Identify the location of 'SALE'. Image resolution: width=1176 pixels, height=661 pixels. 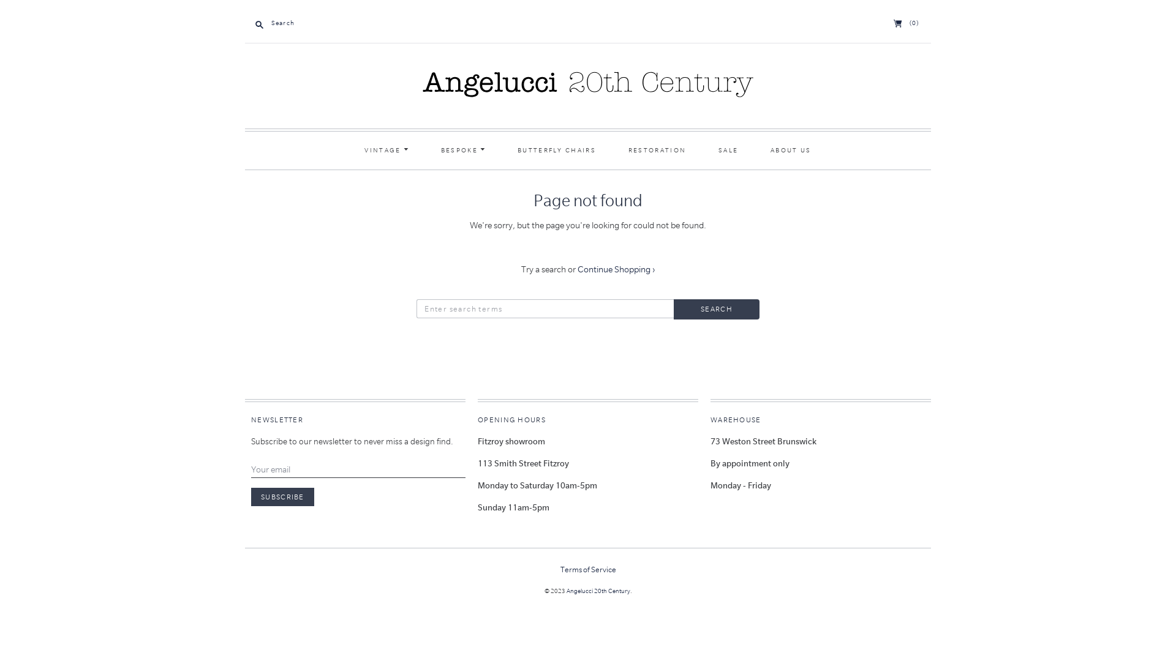
(704, 149).